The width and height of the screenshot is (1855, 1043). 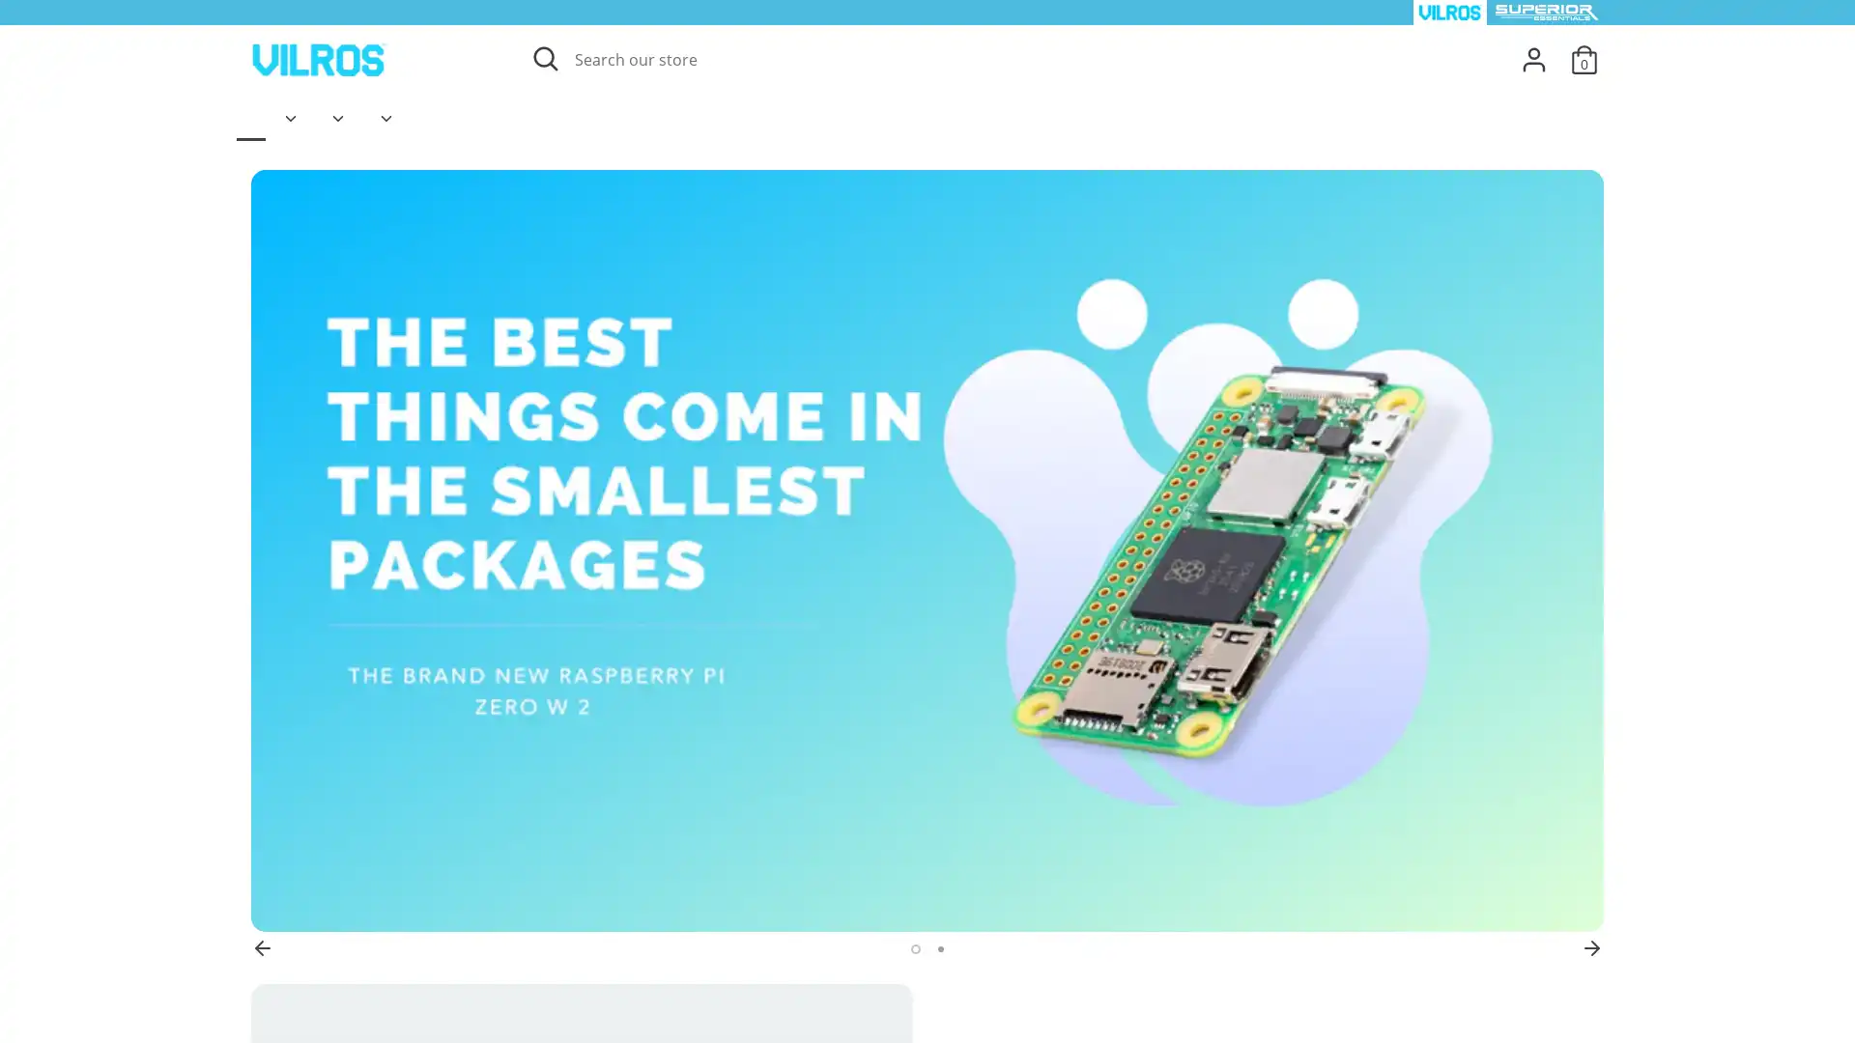 What do you see at coordinates (912, 948) in the screenshot?
I see `1` at bounding box center [912, 948].